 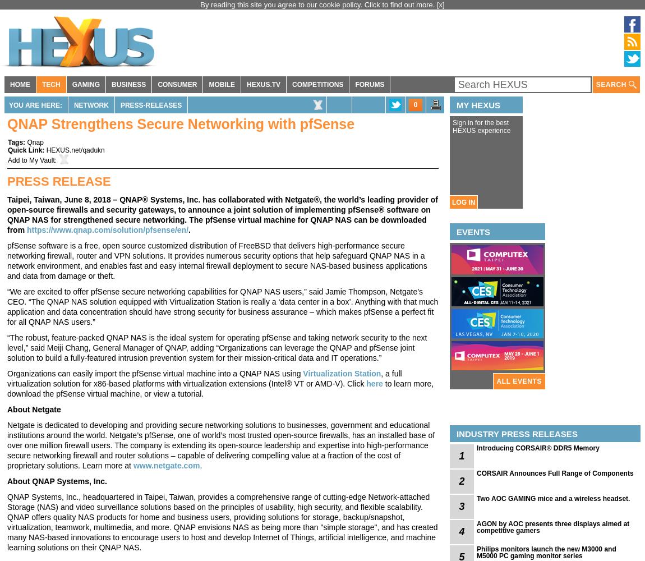 I want to click on 'Network', so click(x=72, y=105).